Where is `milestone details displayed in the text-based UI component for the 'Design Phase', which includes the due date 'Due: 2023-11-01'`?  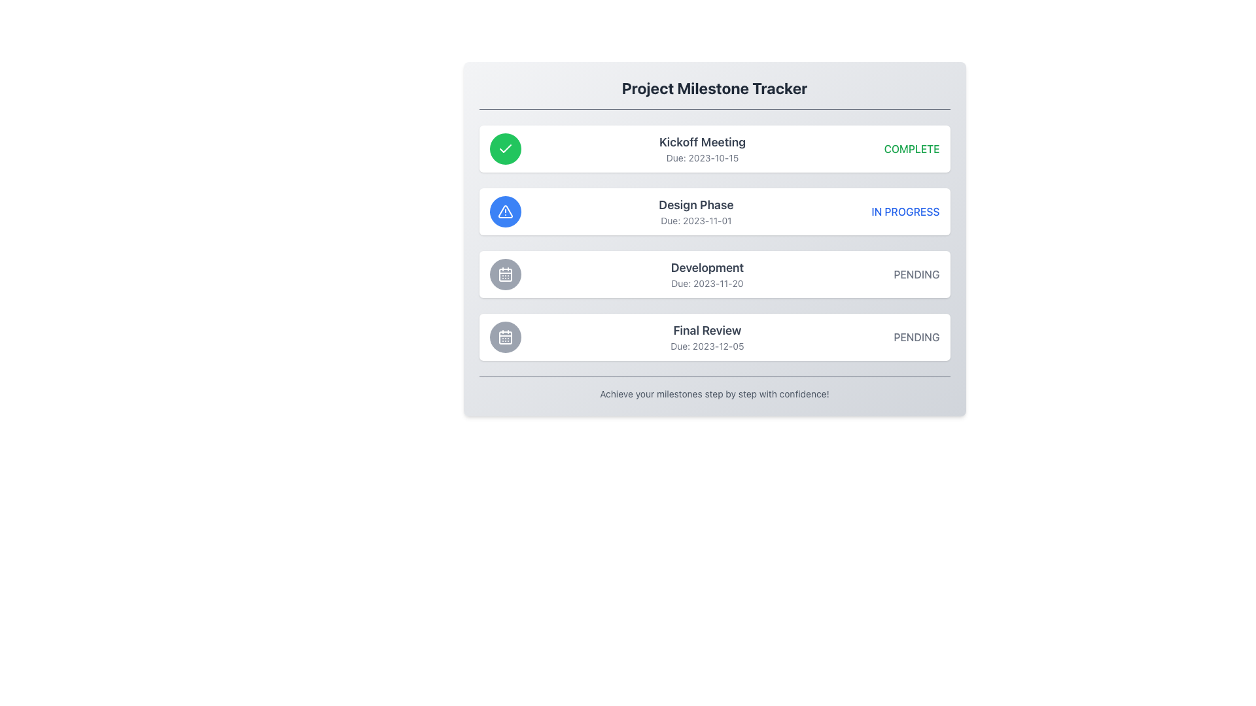 milestone details displayed in the text-based UI component for the 'Design Phase', which includes the due date 'Due: 2023-11-01' is located at coordinates (695, 211).